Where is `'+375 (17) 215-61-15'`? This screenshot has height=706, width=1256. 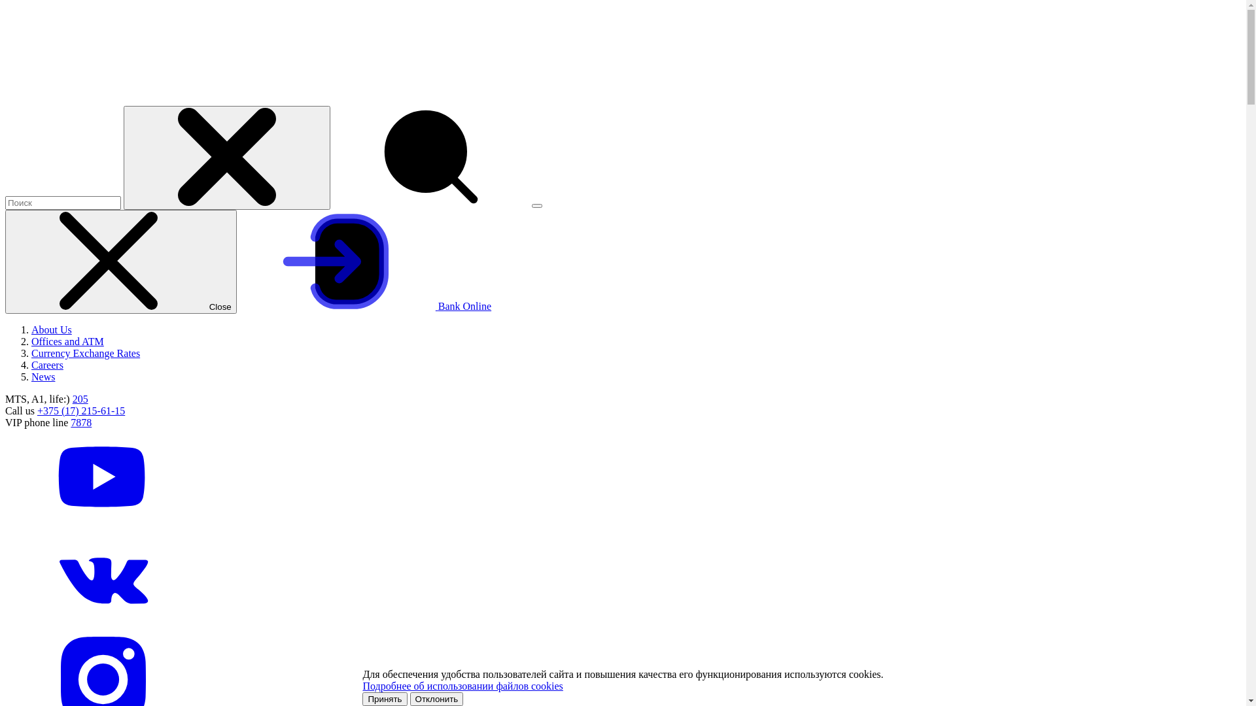
'+375 (17) 215-61-15' is located at coordinates (80, 410).